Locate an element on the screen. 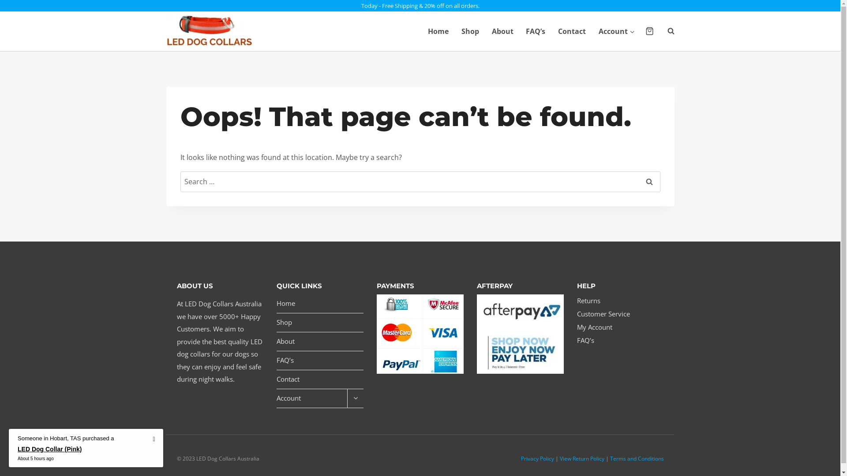  'Home' is located at coordinates (276, 303).